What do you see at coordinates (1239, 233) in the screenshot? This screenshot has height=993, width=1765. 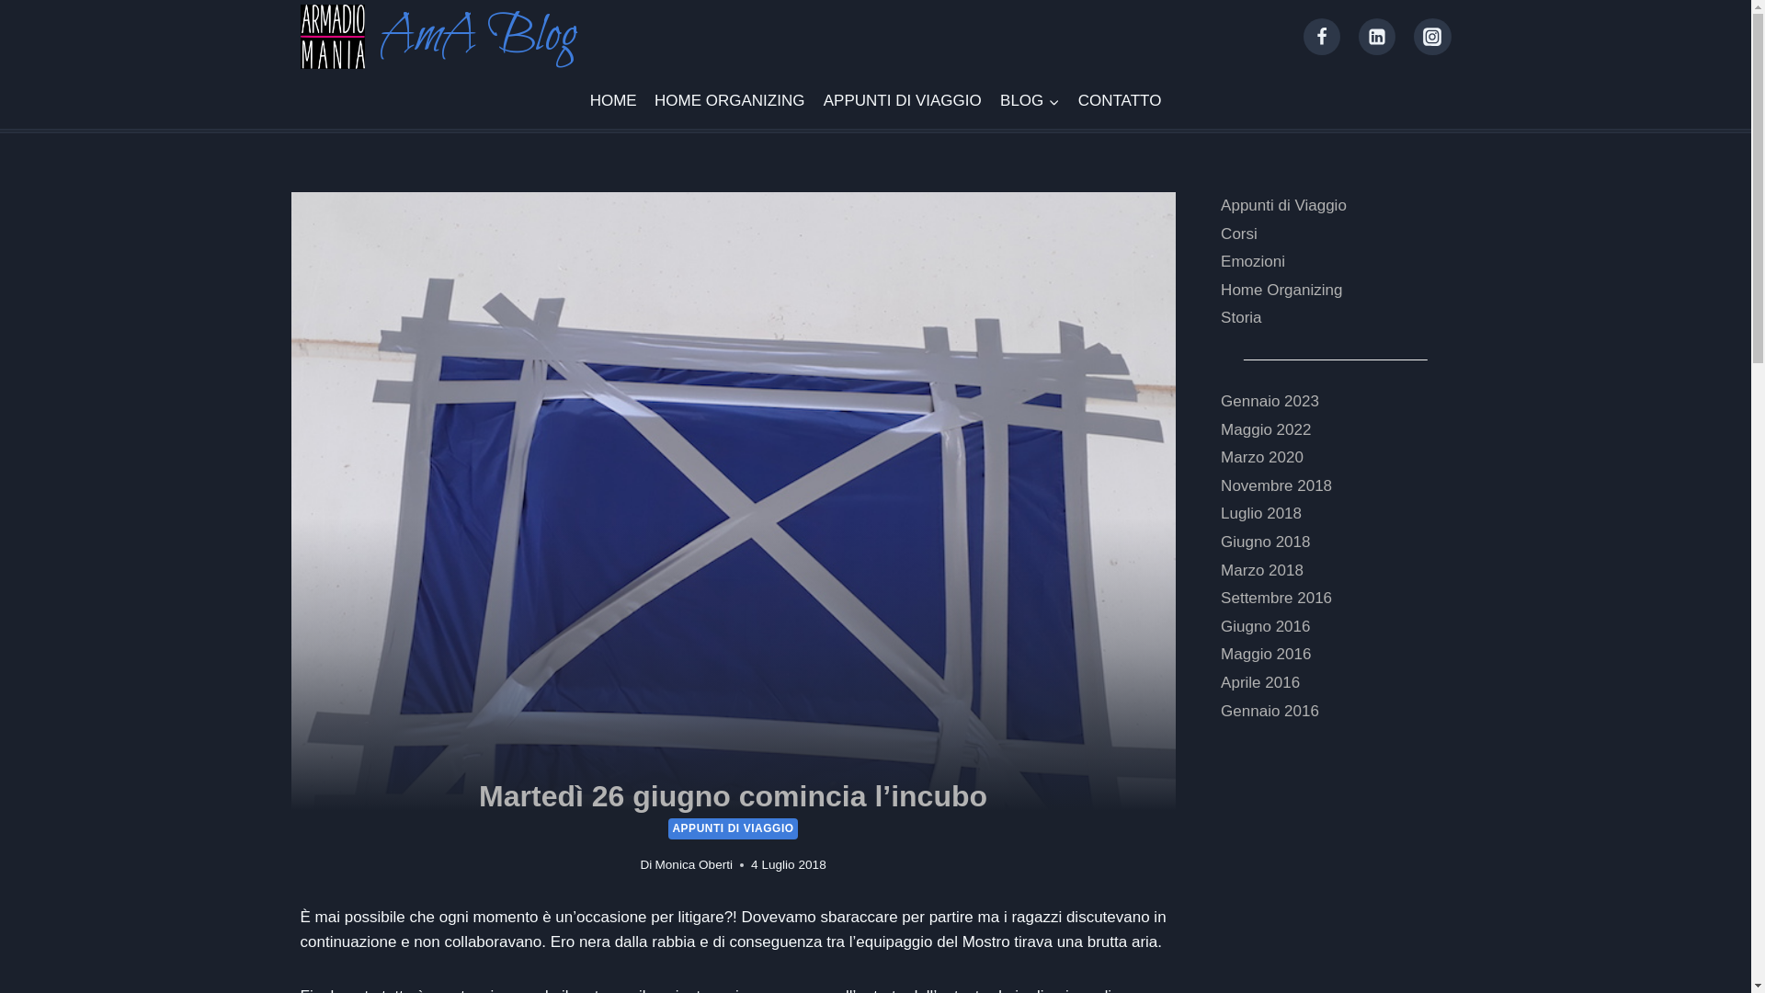 I see `'Corsi'` at bounding box center [1239, 233].